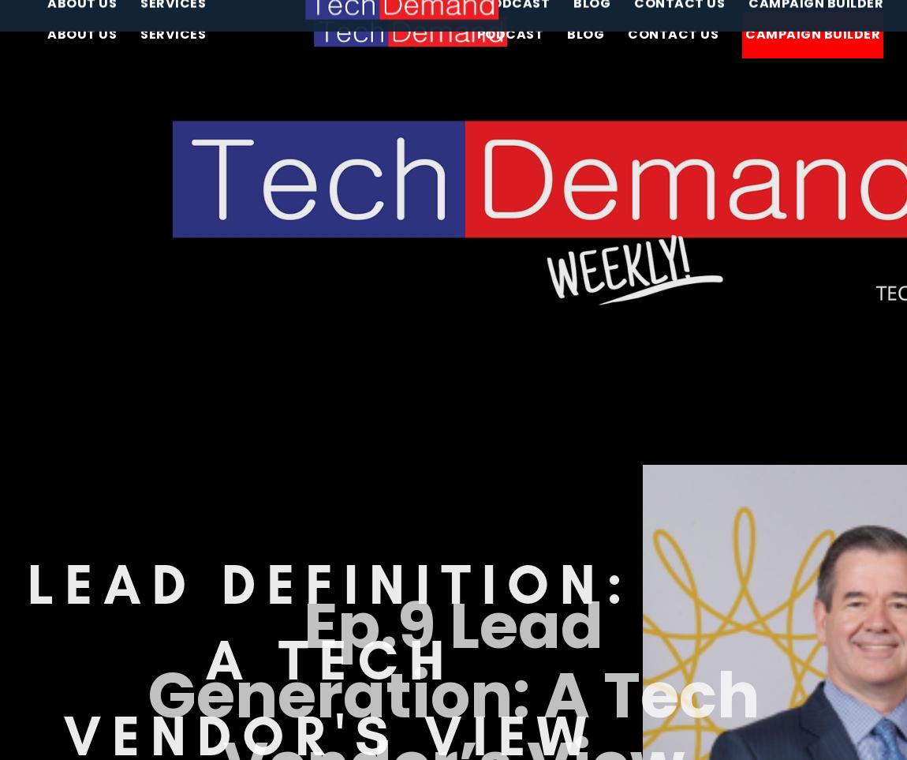 The width and height of the screenshot is (907, 760). Describe the element at coordinates (509, 33) in the screenshot. I see `'Podcast'` at that location.